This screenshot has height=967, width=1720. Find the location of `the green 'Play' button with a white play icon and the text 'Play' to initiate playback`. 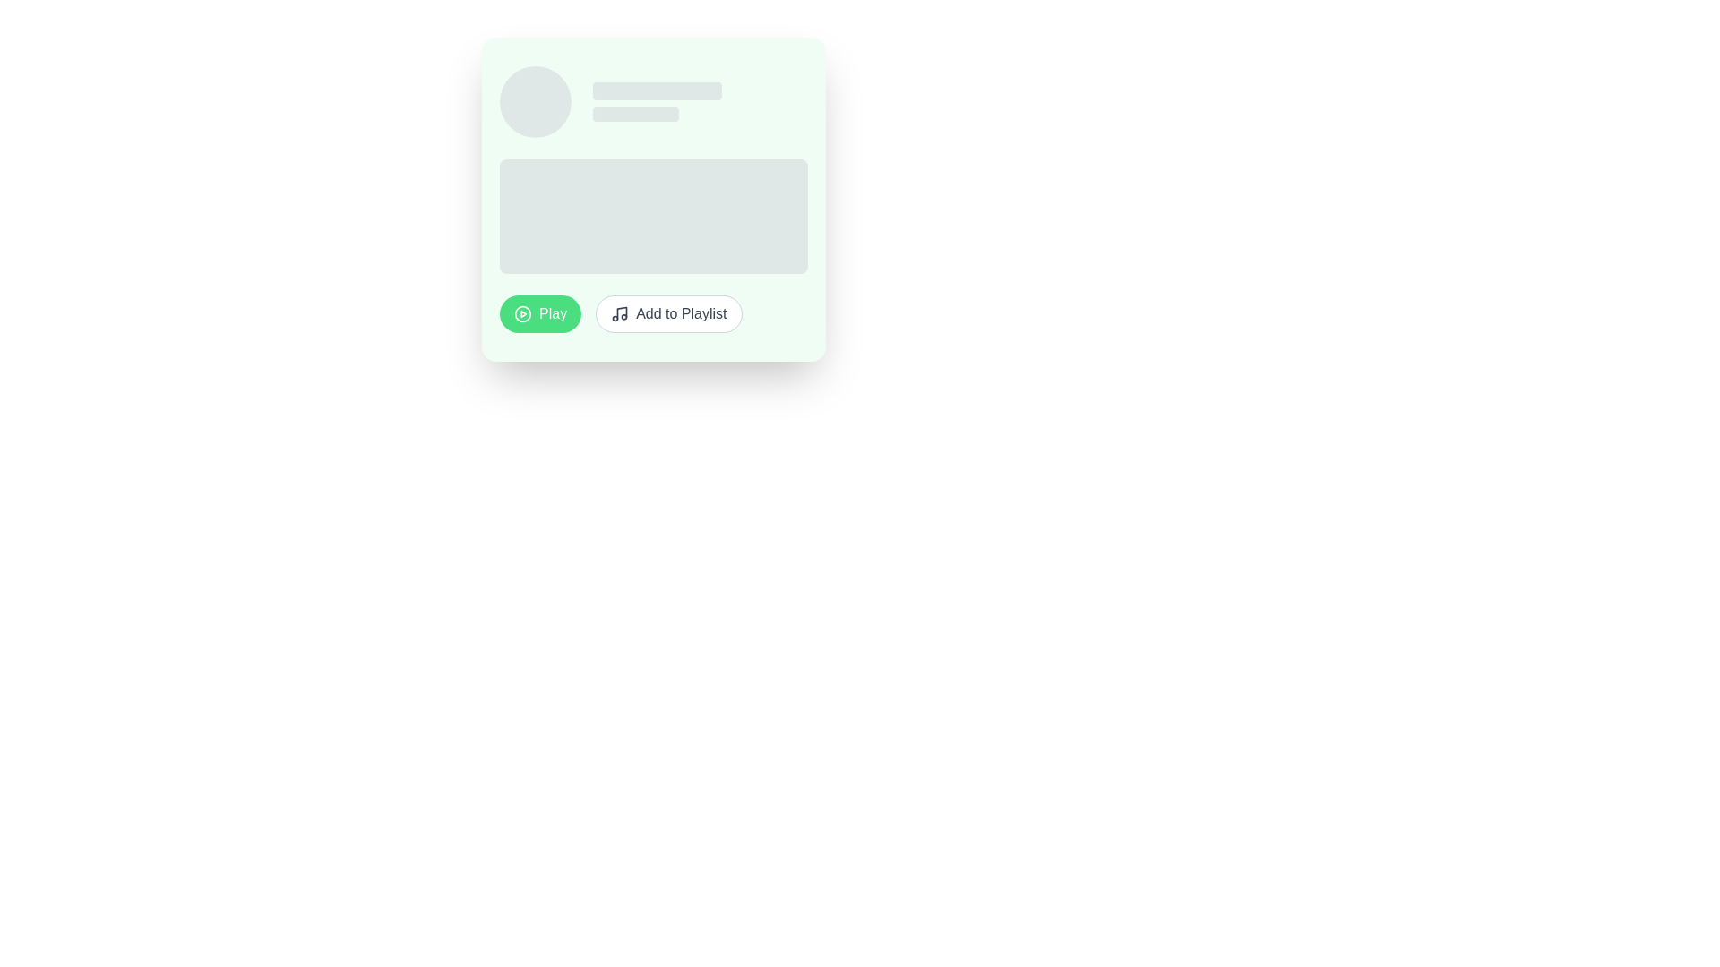

the green 'Play' button with a white play icon and the text 'Play' to initiate playback is located at coordinates (539, 313).